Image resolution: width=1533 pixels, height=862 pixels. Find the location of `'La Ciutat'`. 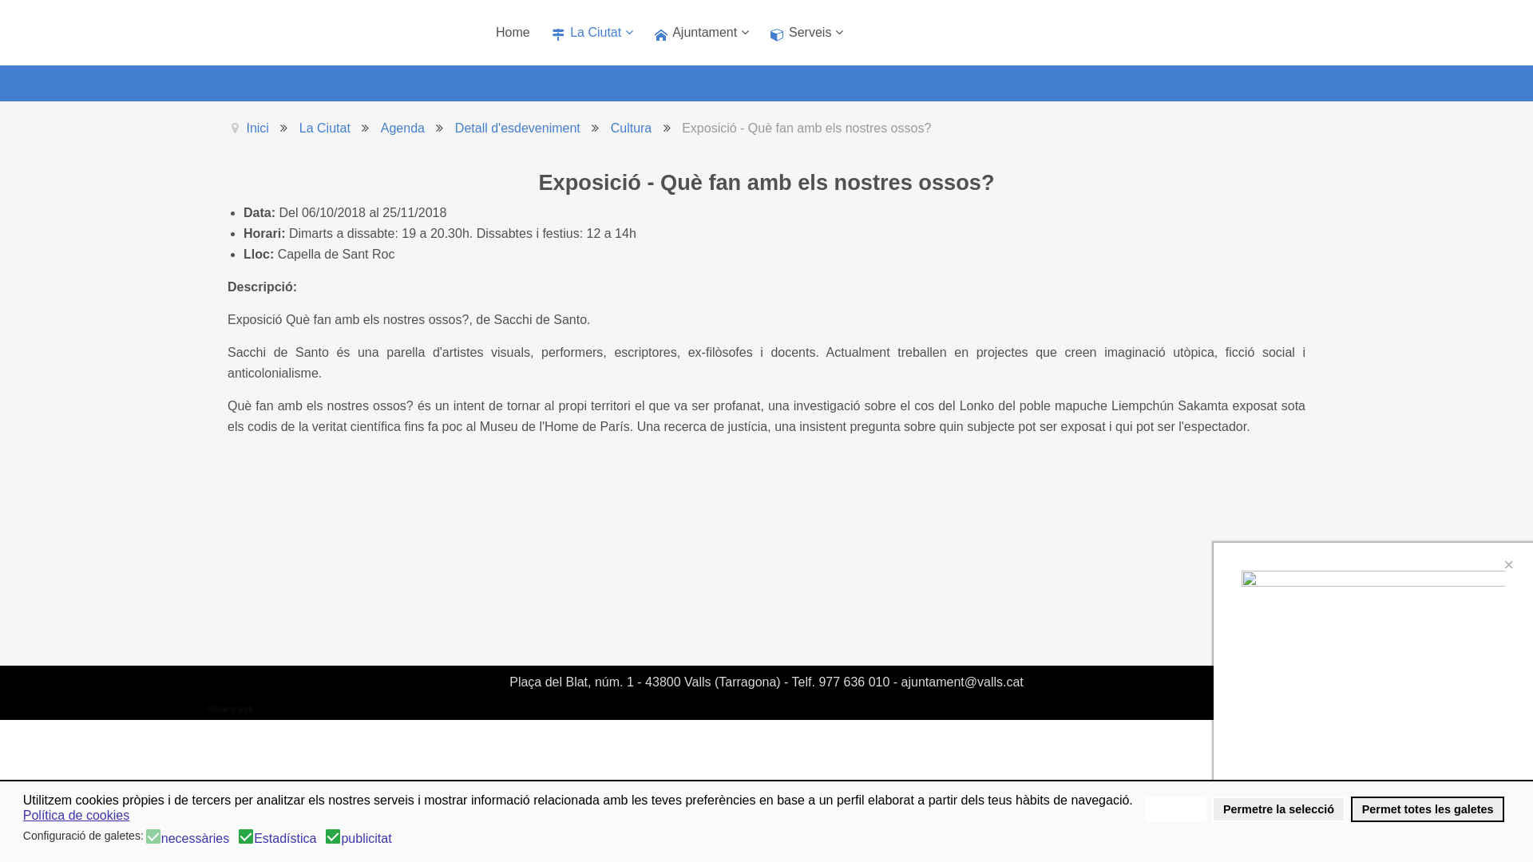

'La Ciutat' is located at coordinates (589, 33).